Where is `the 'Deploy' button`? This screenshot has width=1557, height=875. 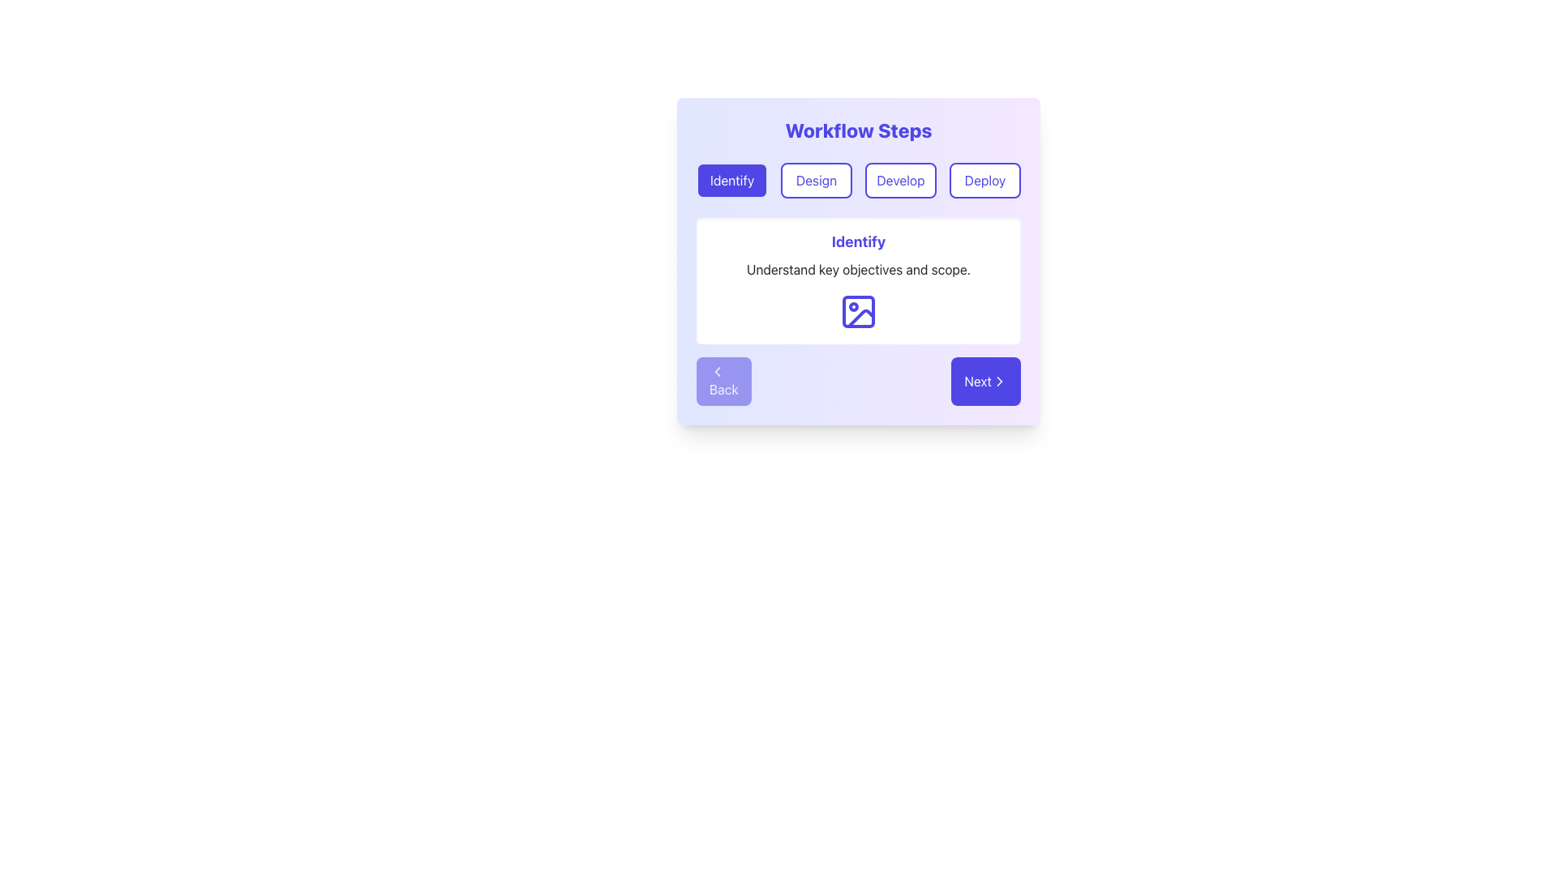
the 'Deploy' button is located at coordinates (984, 181).